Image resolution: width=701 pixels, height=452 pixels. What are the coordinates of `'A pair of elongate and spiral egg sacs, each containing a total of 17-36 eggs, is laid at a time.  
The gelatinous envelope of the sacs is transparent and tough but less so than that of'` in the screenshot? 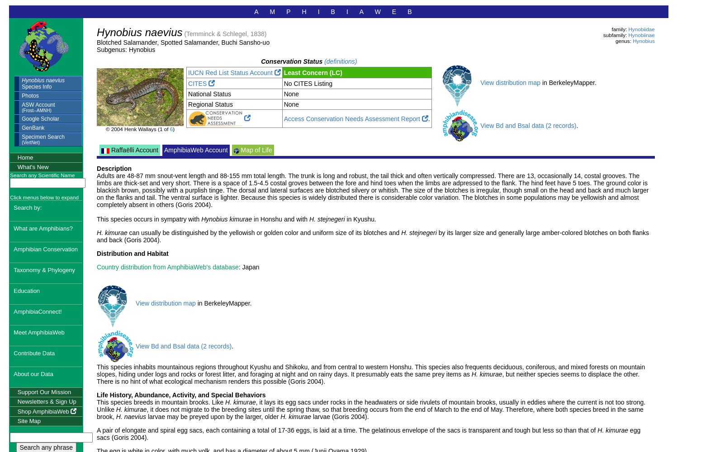 It's located at (347, 429).